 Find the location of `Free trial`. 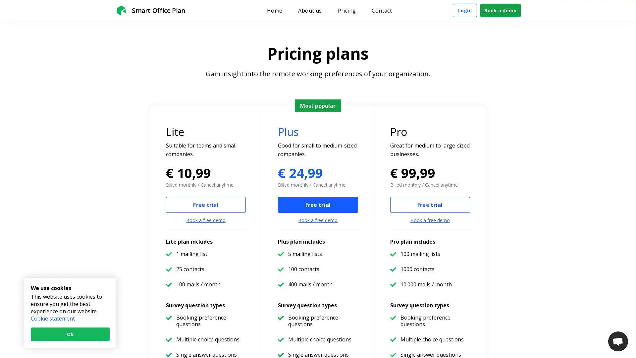

Free trial is located at coordinates (317, 204).